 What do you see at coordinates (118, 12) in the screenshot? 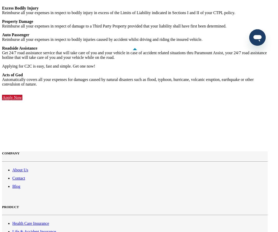
I see `'Reimburse all your expenses in respect to bodily injury in excess of the Limits of Liability indicated in Sections I and II of your CTPL policy.'` at bounding box center [118, 12].